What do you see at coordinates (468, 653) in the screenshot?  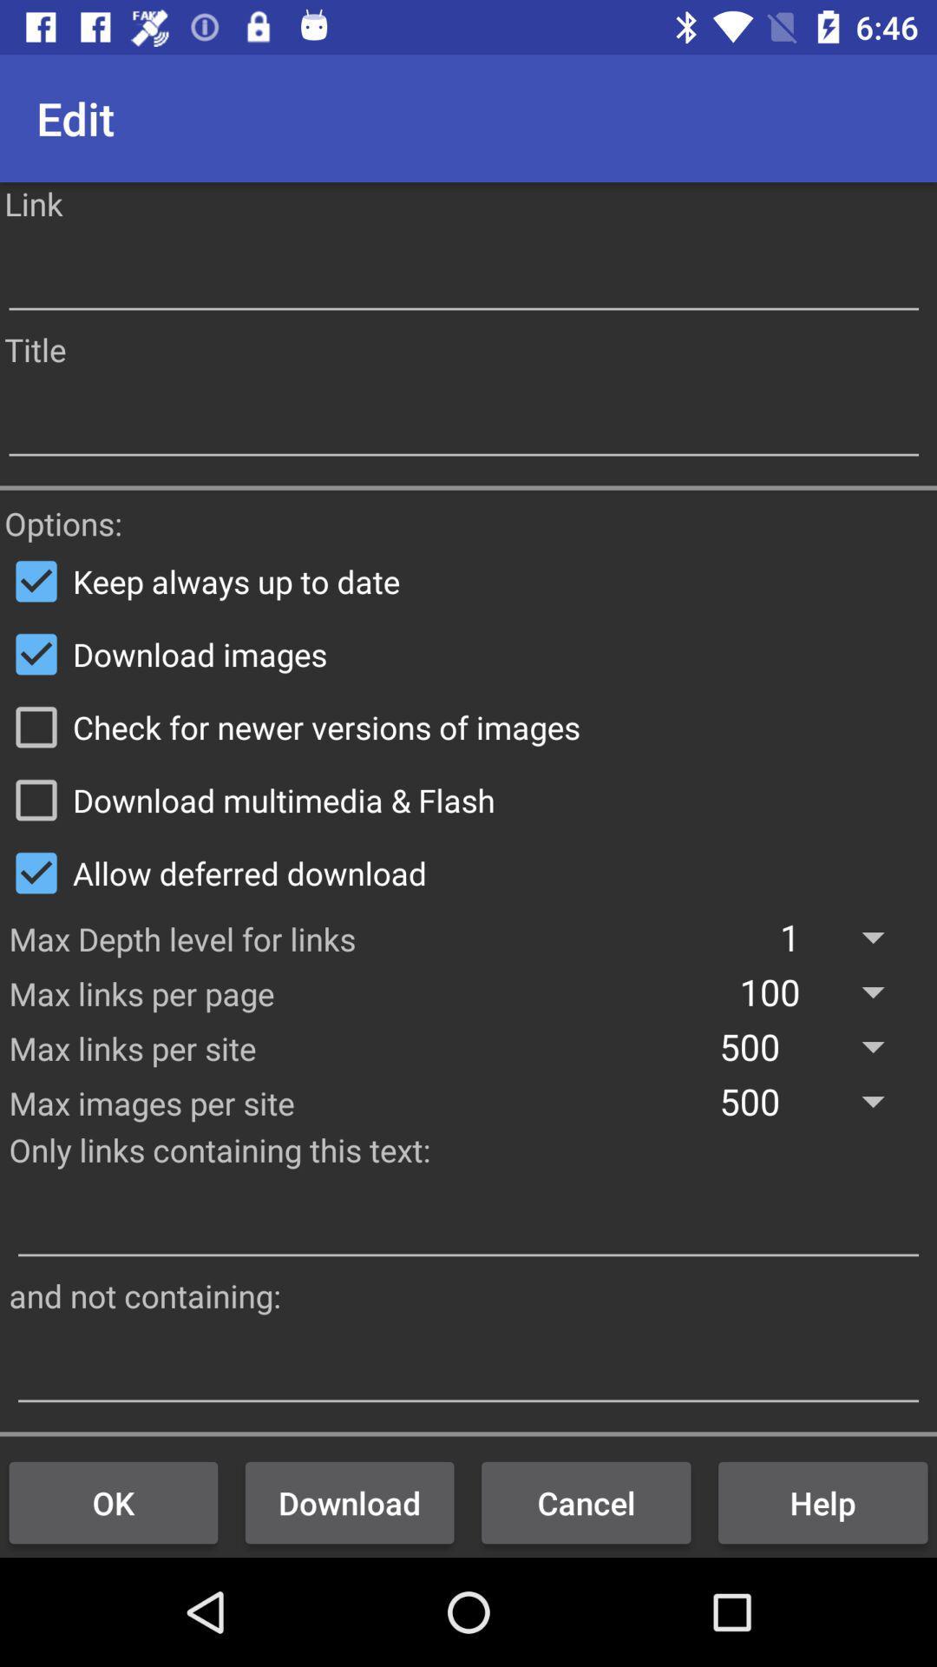 I see `download images checkbox` at bounding box center [468, 653].